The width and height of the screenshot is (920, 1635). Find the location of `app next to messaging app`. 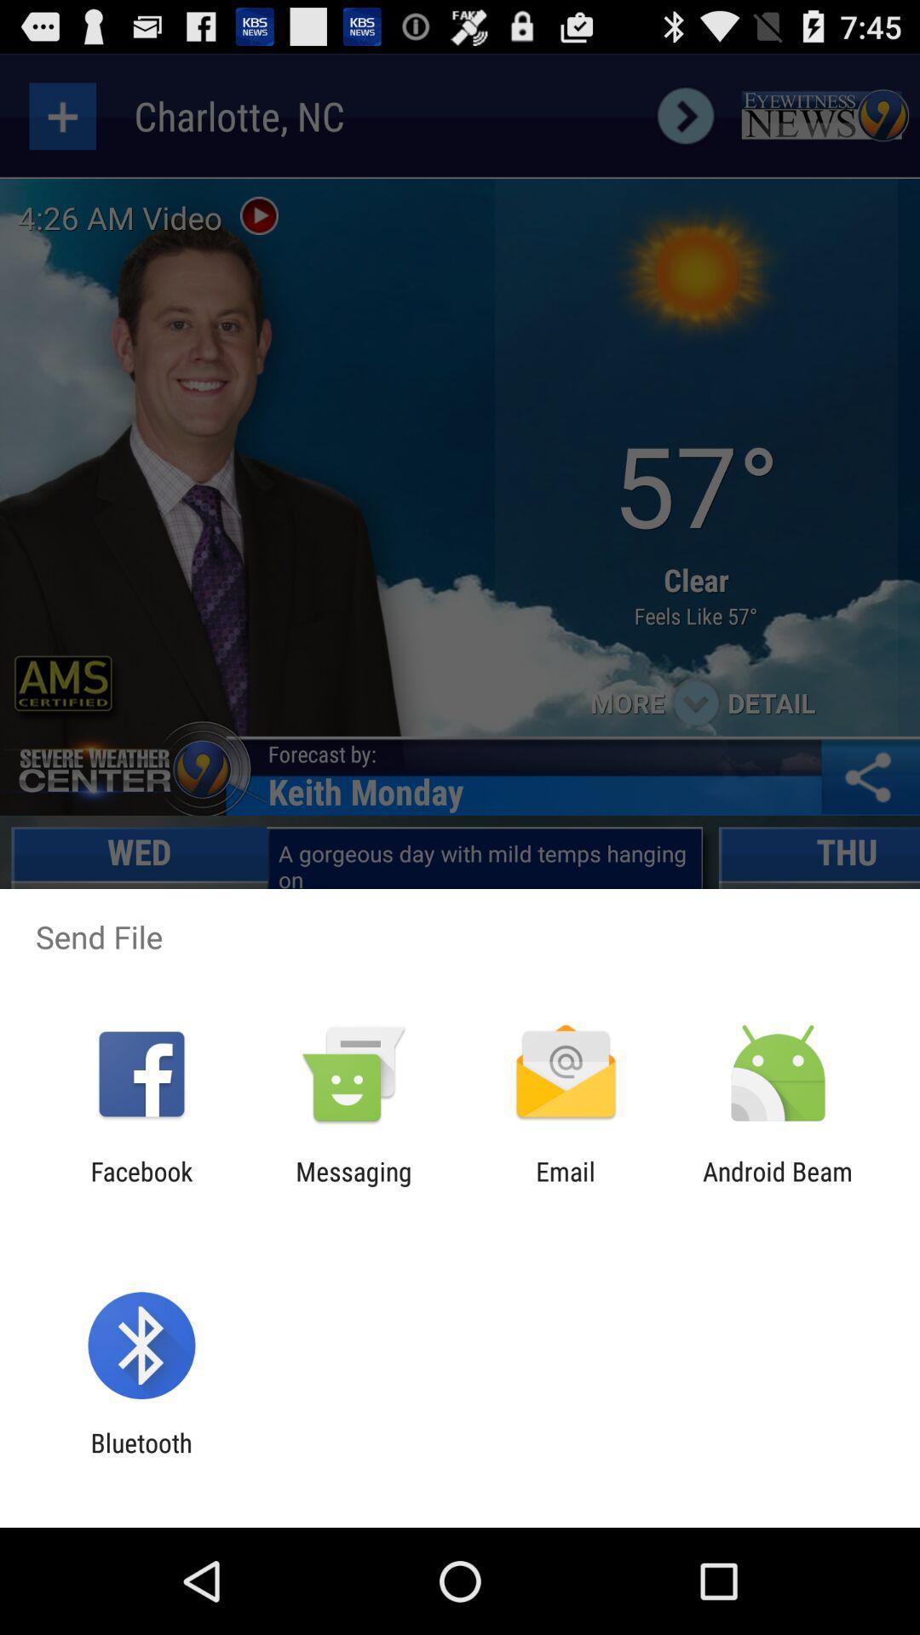

app next to messaging app is located at coordinates (566, 1185).